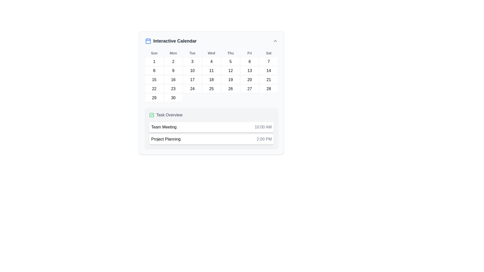  What do you see at coordinates (173, 79) in the screenshot?
I see `the interactive calendar cell representing the date '16' in the calendar layout` at bounding box center [173, 79].